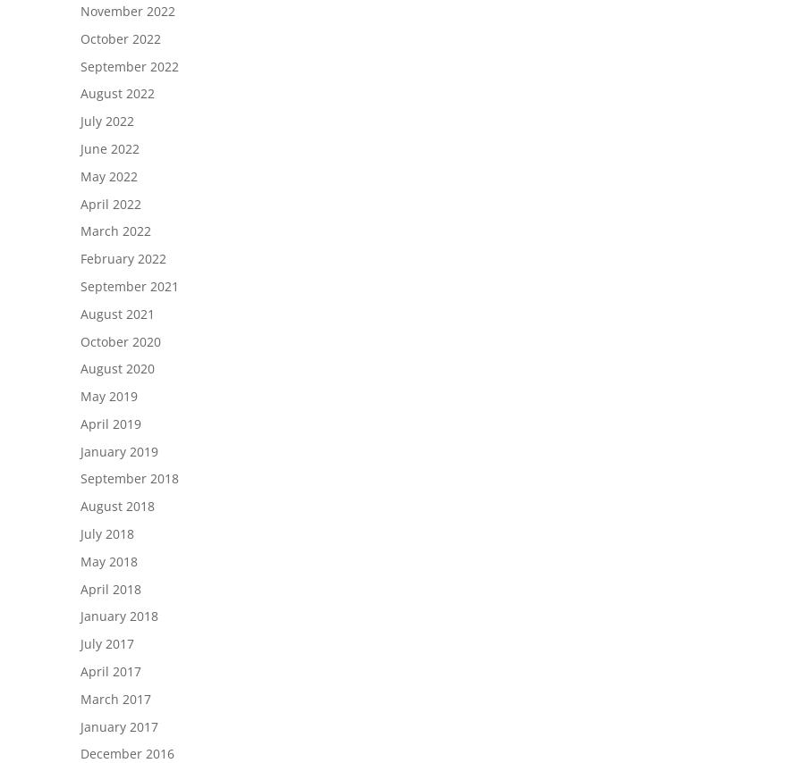 This screenshot has height=763, width=805. Describe the element at coordinates (80, 203) in the screenshot. I see `'April 2022'` at that location.